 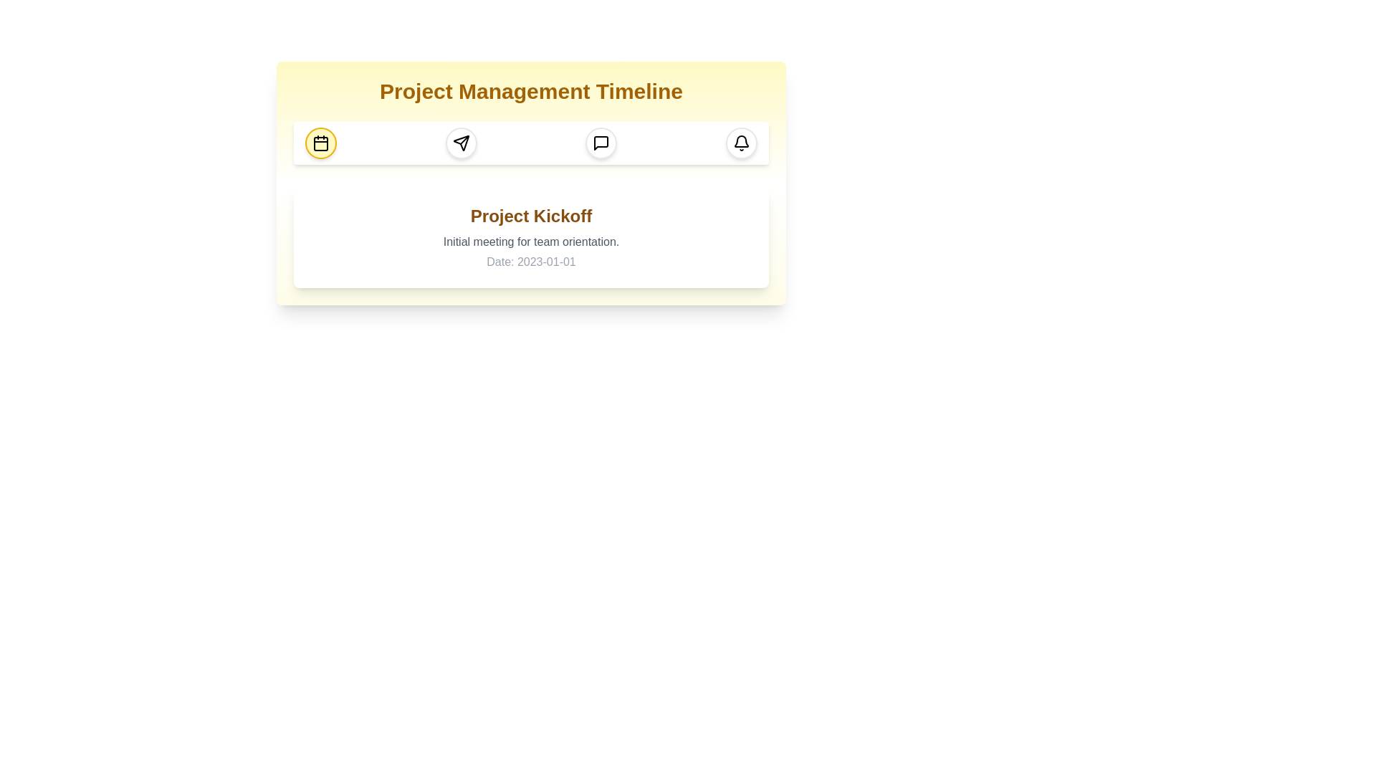 I want to click on the calendar icon styled in black and white located within a circular yellow background under the 'Project Management Timeline' title to trigger tooltip or highlight effects, so click(x=320, y=143).